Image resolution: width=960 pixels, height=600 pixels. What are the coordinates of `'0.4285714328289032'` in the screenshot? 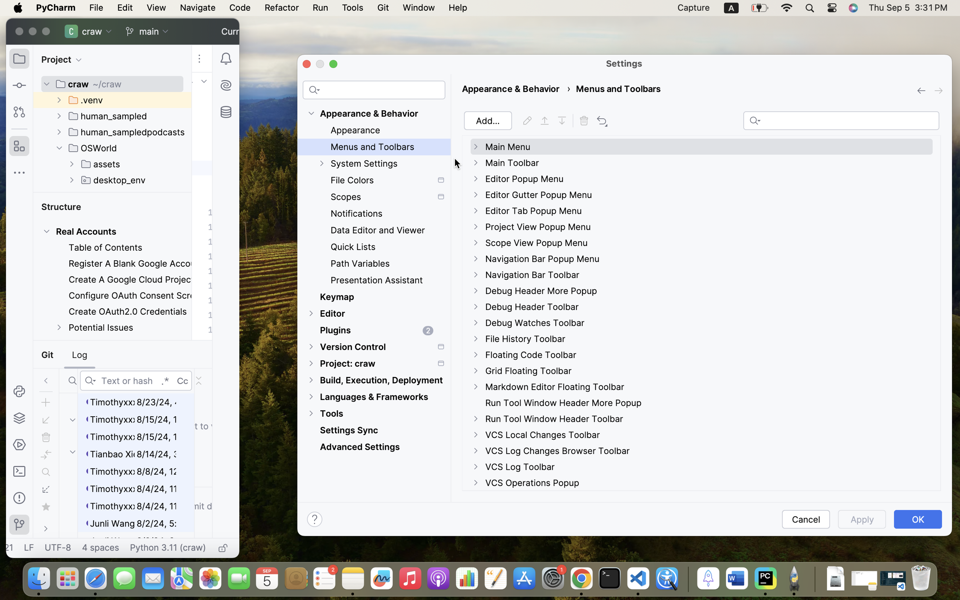 It's located at (686, 579).